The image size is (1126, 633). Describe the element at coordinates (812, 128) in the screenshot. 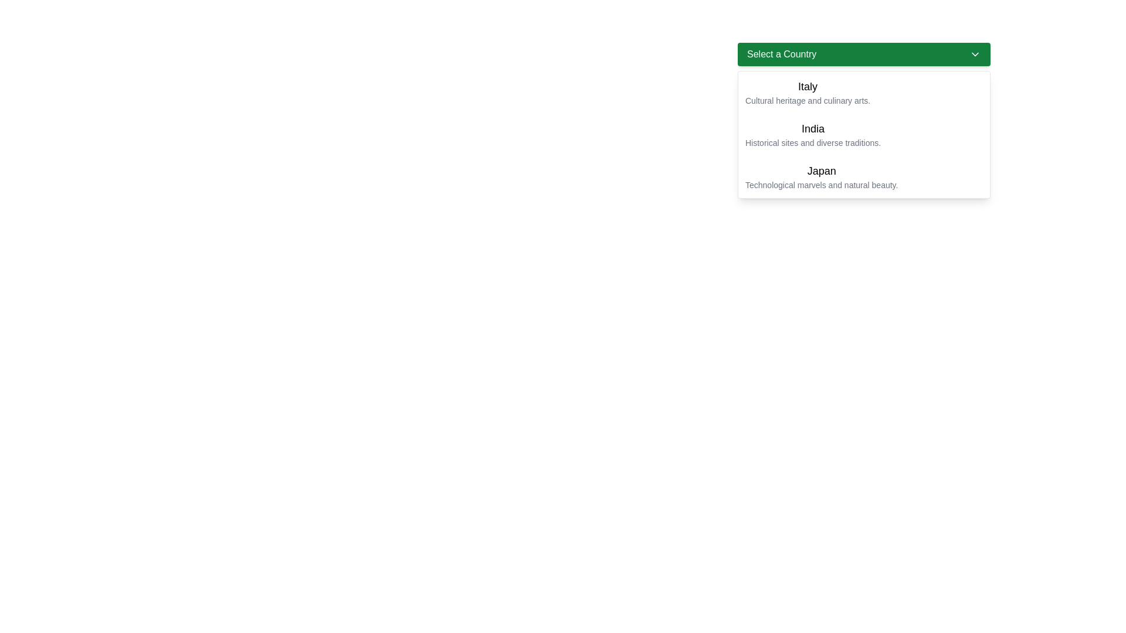

I see `the 'India' option in the dropdown menu titled 'Select a Country', which is positioned below 'Italy' and above 'Japan'` at that location.